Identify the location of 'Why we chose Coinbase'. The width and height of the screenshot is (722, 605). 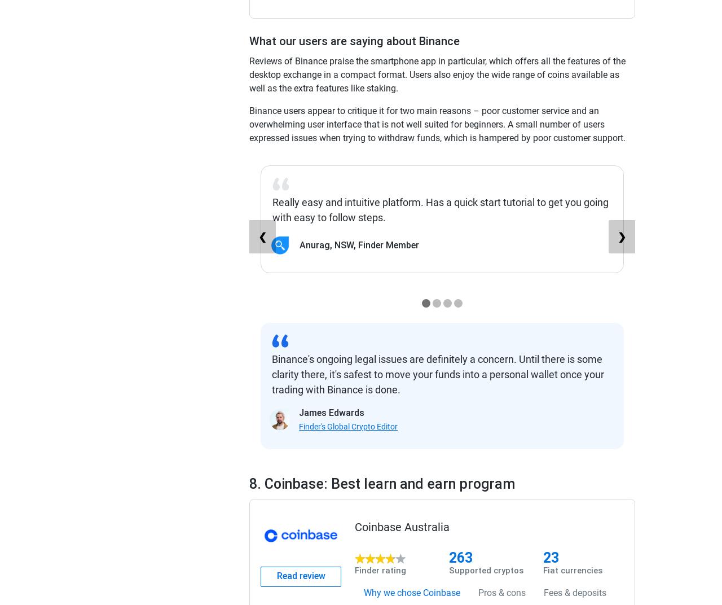
(411, 593).